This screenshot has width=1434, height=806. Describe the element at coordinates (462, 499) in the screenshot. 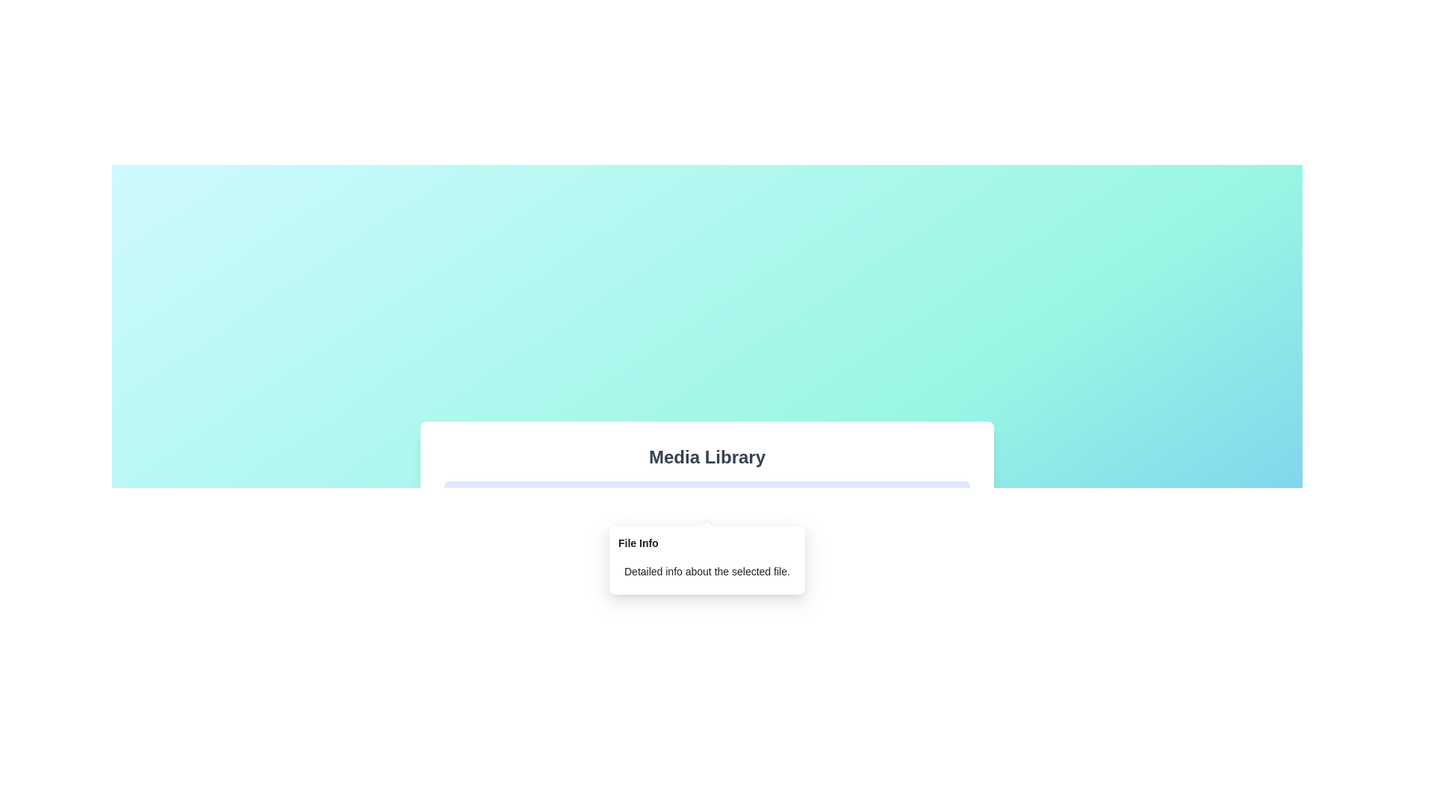

I see `the informational icon located to the left of the 'File Details' text label by moving the cursor to its center and clicking` at that location.